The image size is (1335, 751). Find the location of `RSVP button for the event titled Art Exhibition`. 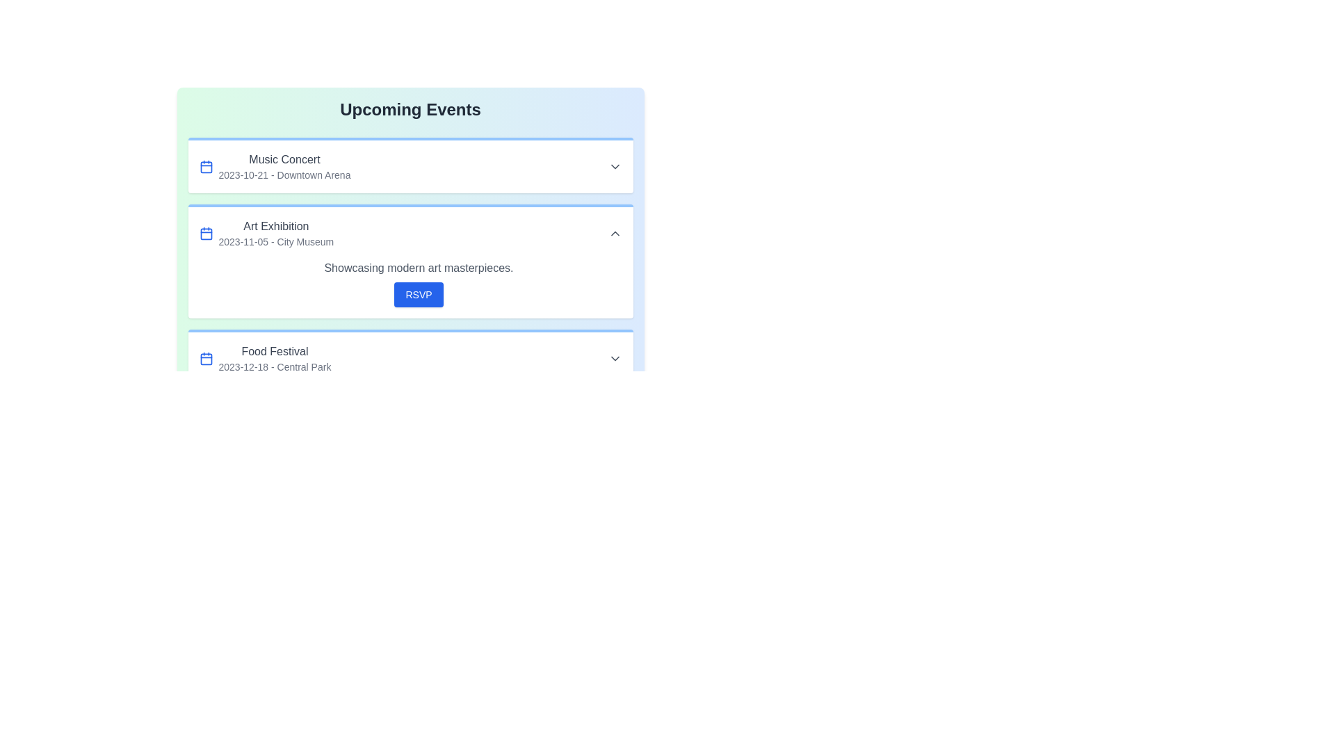

RSVP button for the event titled Art Exhibition is located at coordinates (418, 294).